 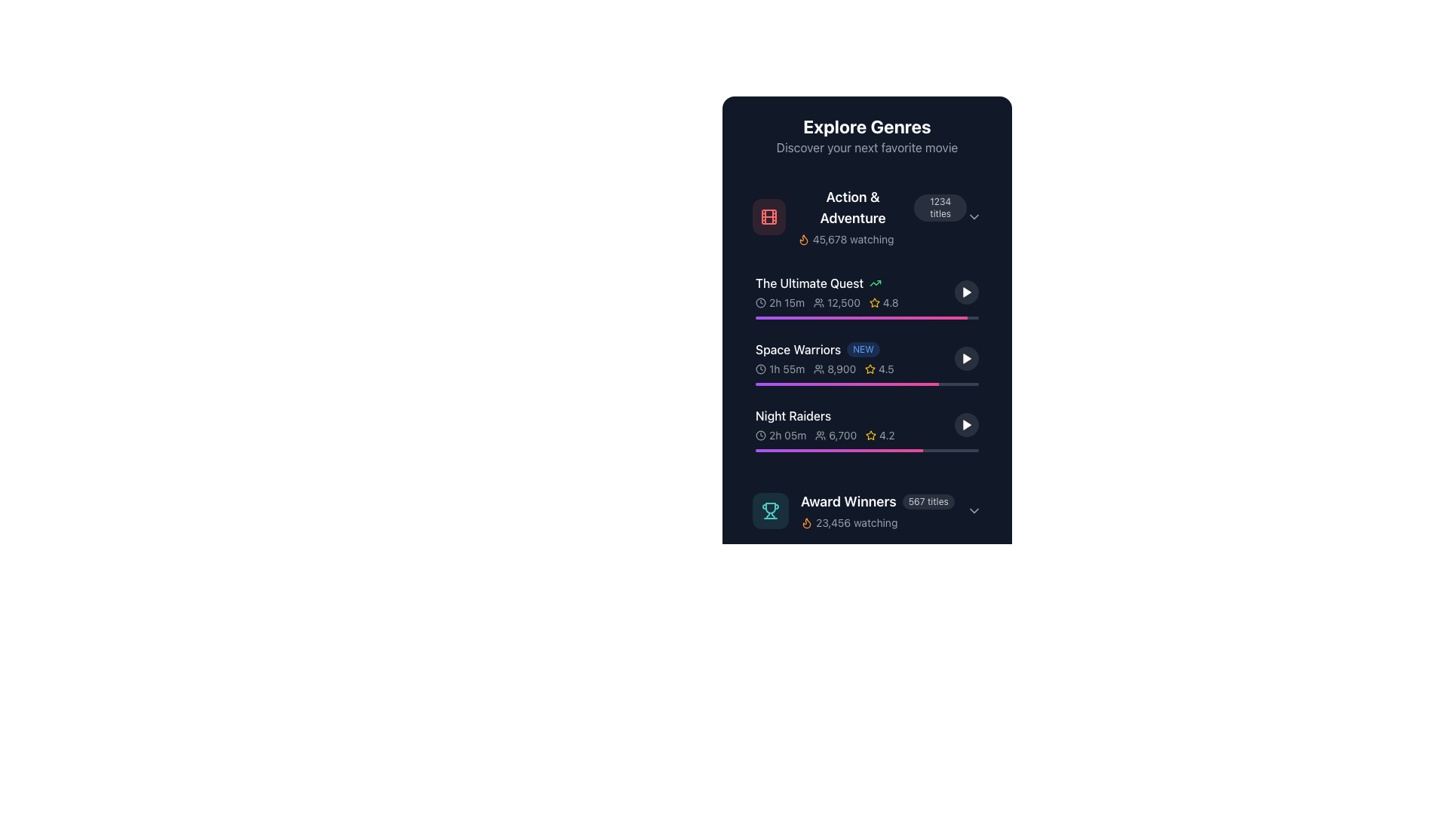 What do you see at coordinates (884, 302) in the screenshot?
I see `the rating display component for 'The Ultimate Quest', which is represented by a yellow star icon followed by the rating value '4.8' in gray text` at bounding box center [884, 302].